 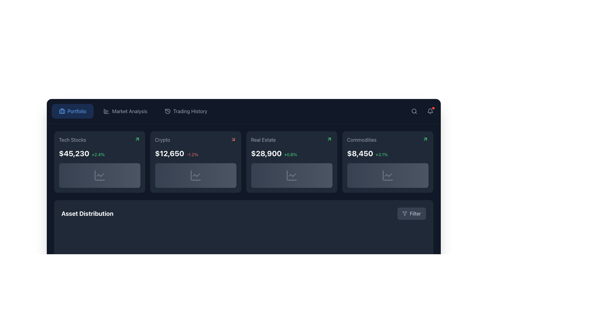 I want to click on the line chart icon representing financial trends located in the 'Tech Stocks' card, positioned beneath the numerical value '$45,230' and percentage change '+2.4%', so click(x=100, y=175).